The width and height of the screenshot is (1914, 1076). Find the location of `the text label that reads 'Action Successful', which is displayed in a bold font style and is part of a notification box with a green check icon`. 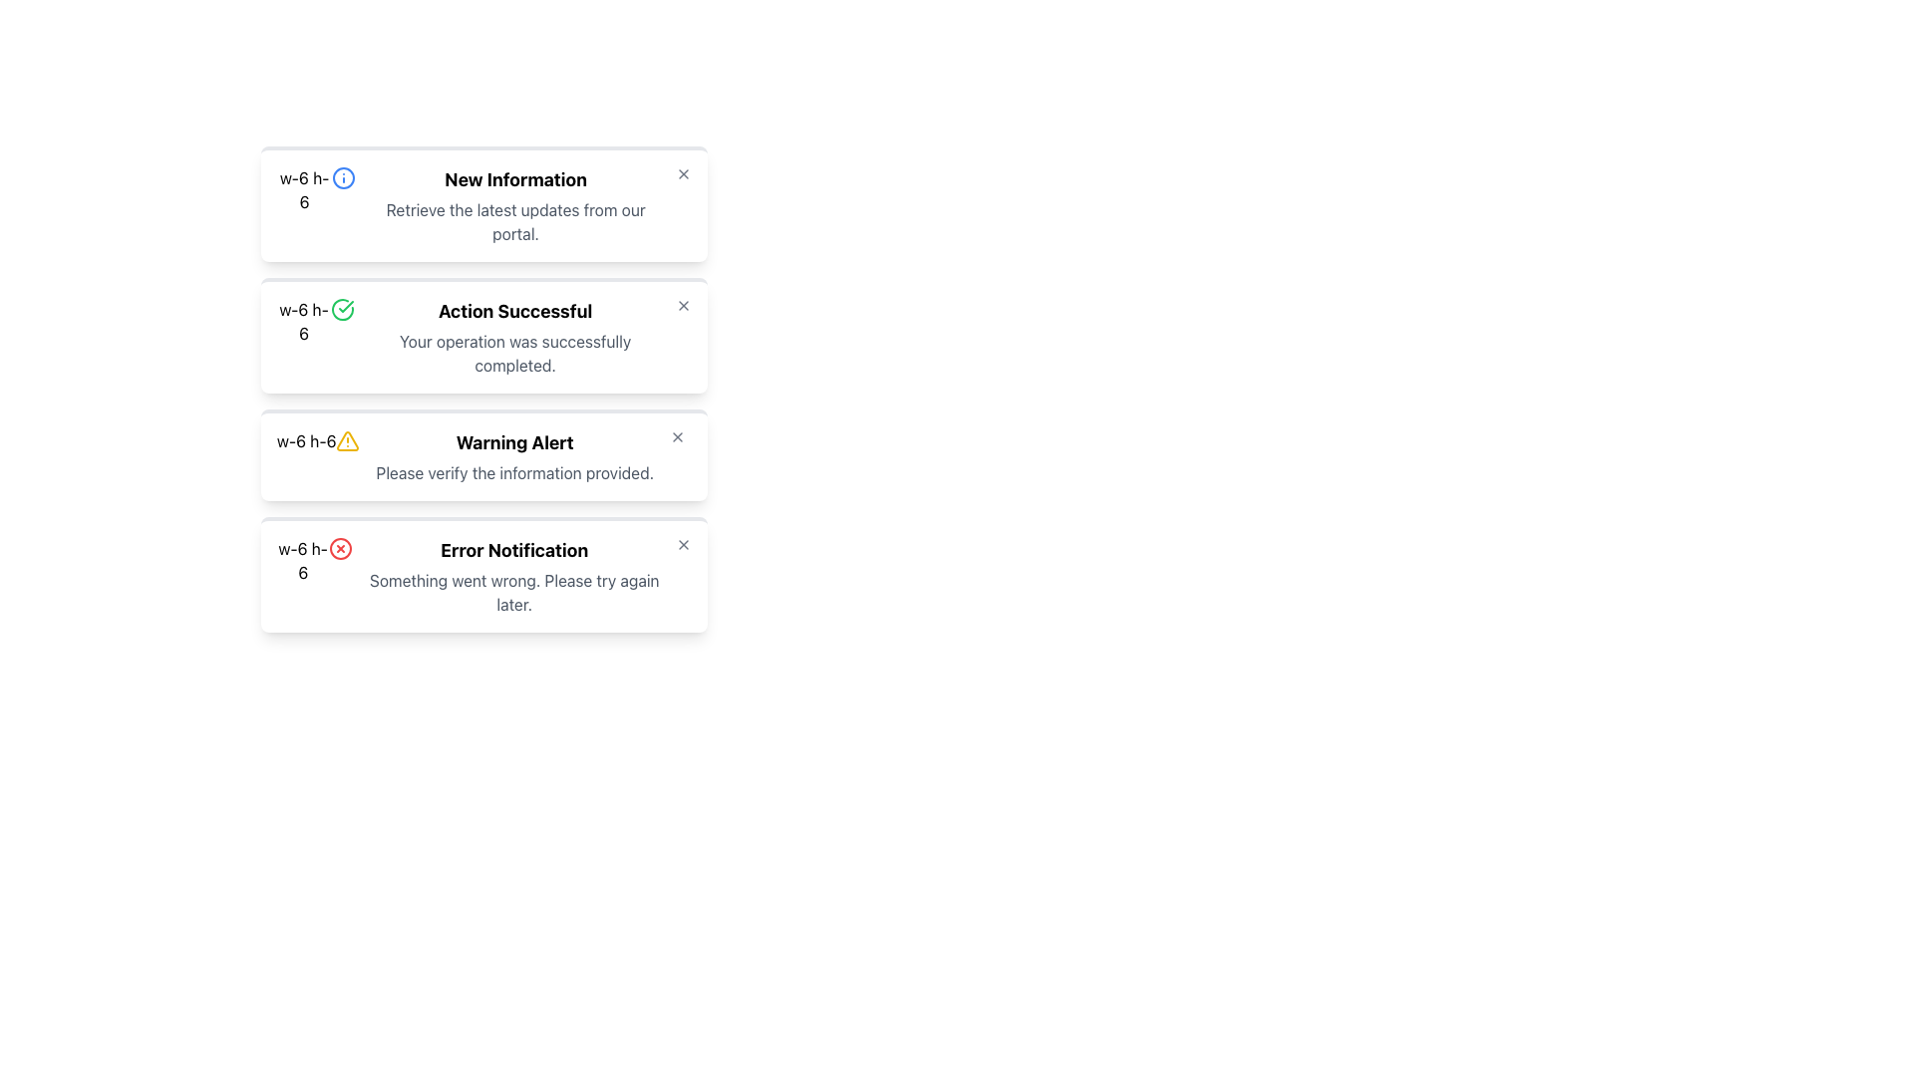

the text label that reads 'Action Successful', which is displayed in a bold font style and is part of a notification box with a green check icon is located at coordinates (515, 311).